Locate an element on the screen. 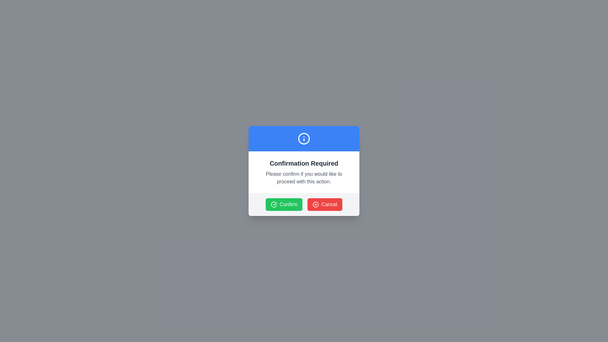  the SVG circle element, which is styled without any visible color or fill and is centered within the modal dialog above the title 'Confirmation Required' is located at coordinates (316, 204).